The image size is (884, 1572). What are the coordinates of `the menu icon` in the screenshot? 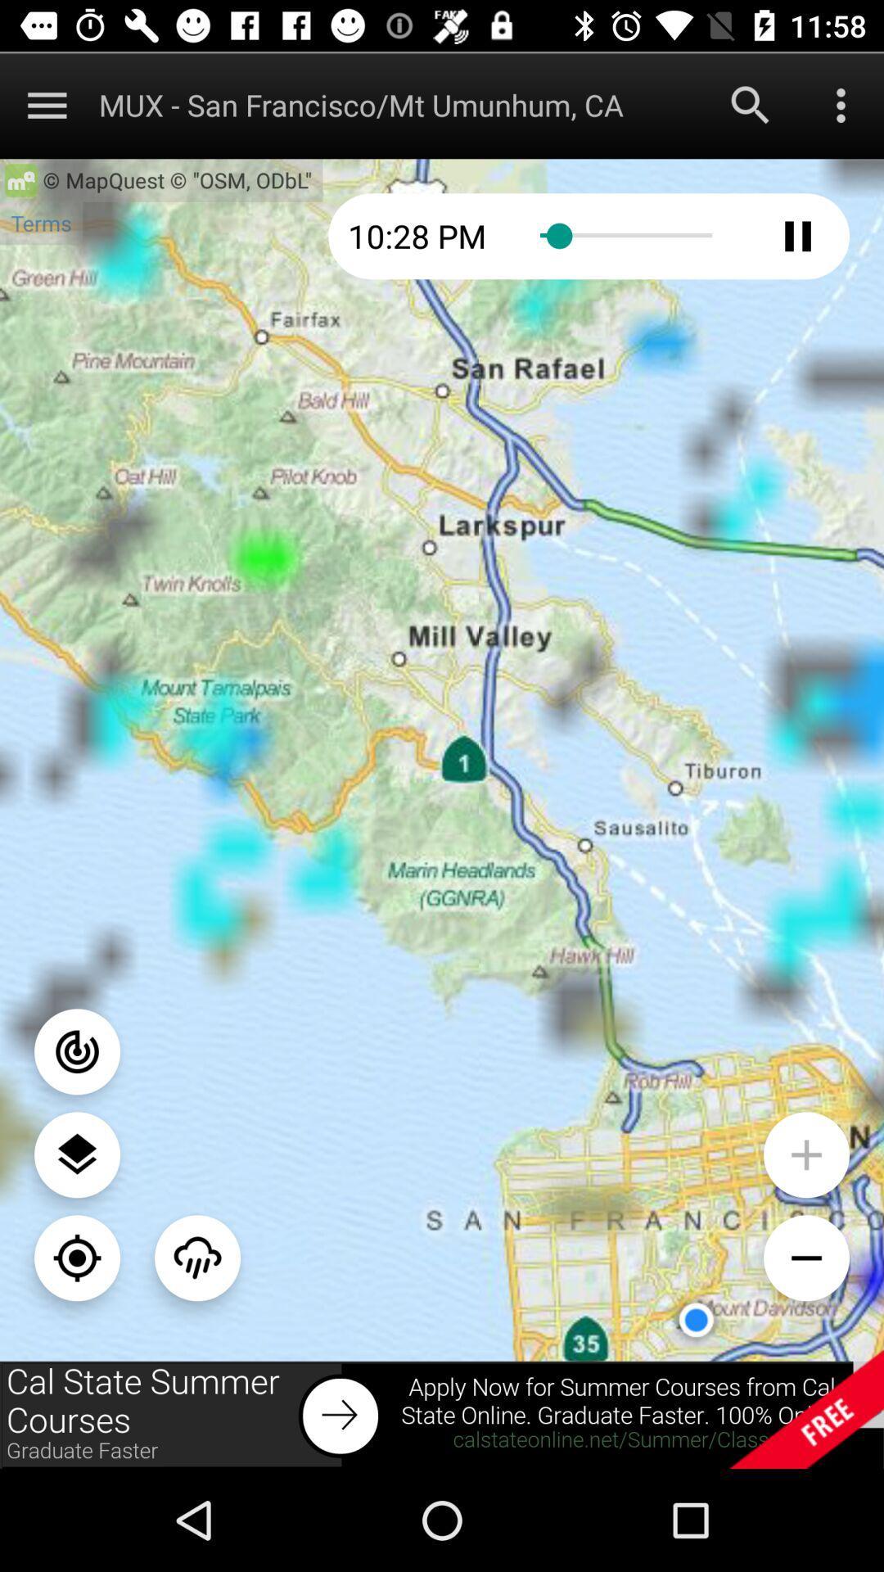 It's located at (46, 104).